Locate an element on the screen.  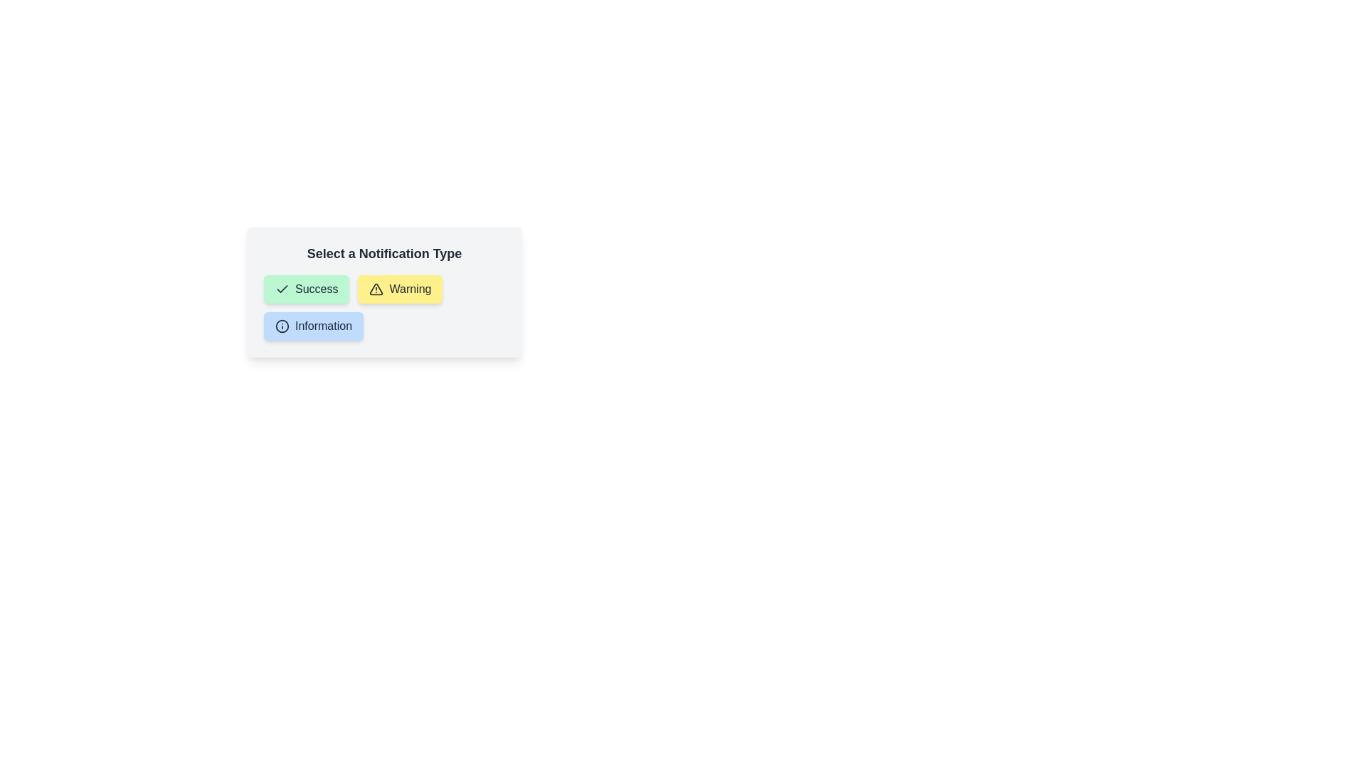
the chip labeled Success is located at coordinates (306, 289).